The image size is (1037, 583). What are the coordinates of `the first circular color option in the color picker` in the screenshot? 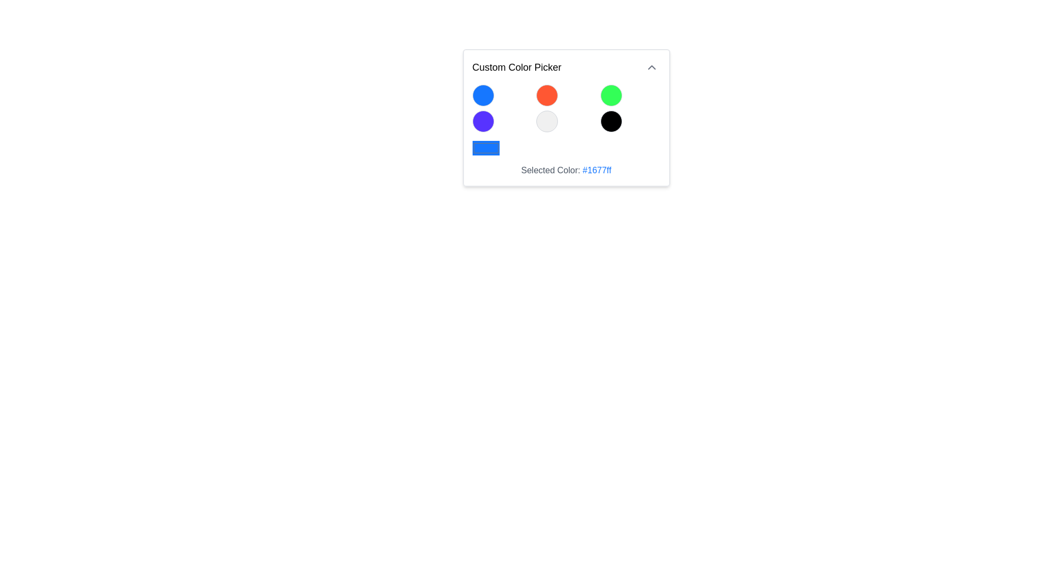 It's located at (482, 95).